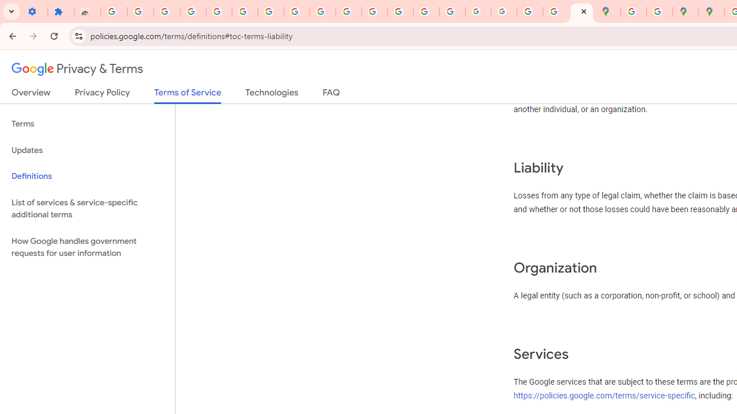 The height and width of the screenshot is (414, 737). I want to click on 'Overview', so click(31, 94).